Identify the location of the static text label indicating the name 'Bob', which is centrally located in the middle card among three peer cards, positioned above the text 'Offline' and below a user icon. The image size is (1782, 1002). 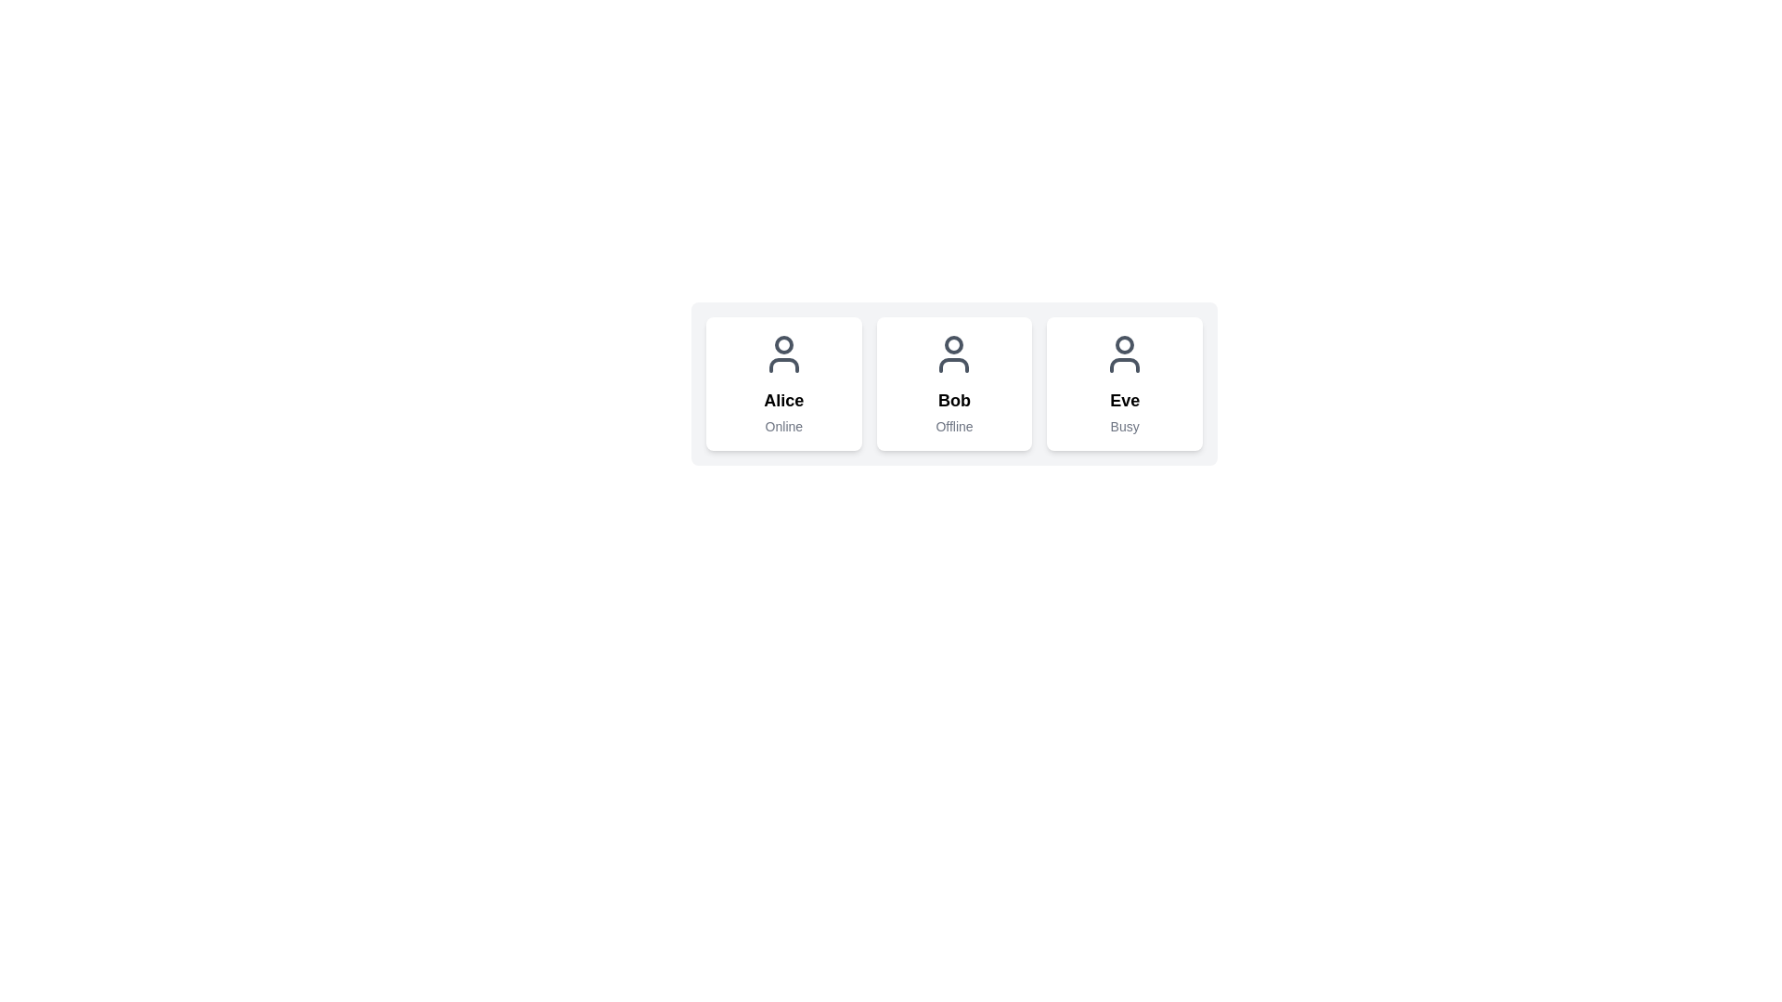
(954, 400).